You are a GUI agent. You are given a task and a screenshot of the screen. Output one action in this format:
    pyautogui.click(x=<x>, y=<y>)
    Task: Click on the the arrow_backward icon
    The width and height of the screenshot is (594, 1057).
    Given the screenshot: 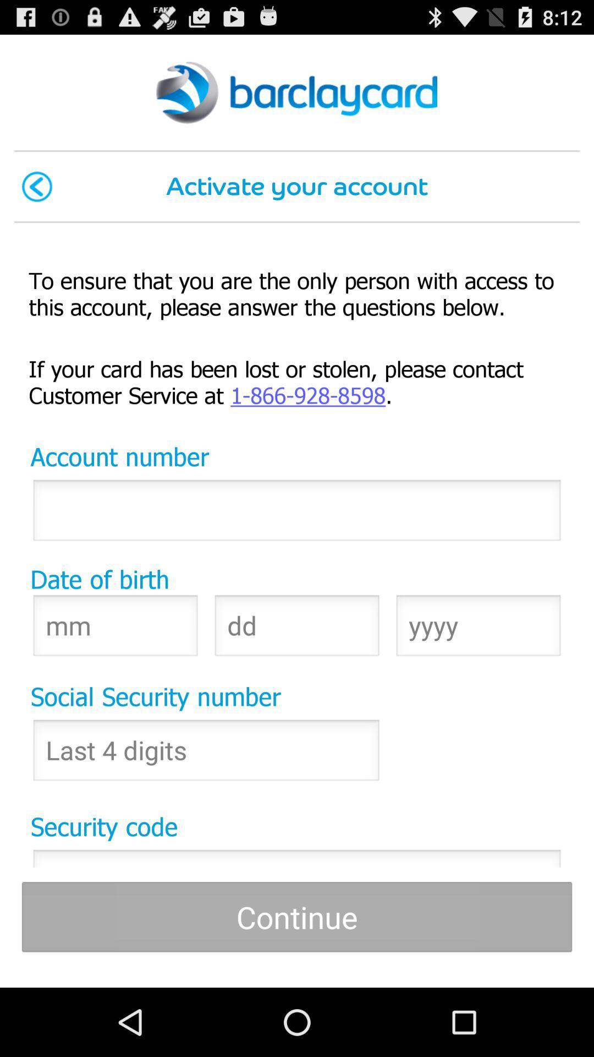 What is the action you would take?
    pyautogui.click(x=36, y=199)
    